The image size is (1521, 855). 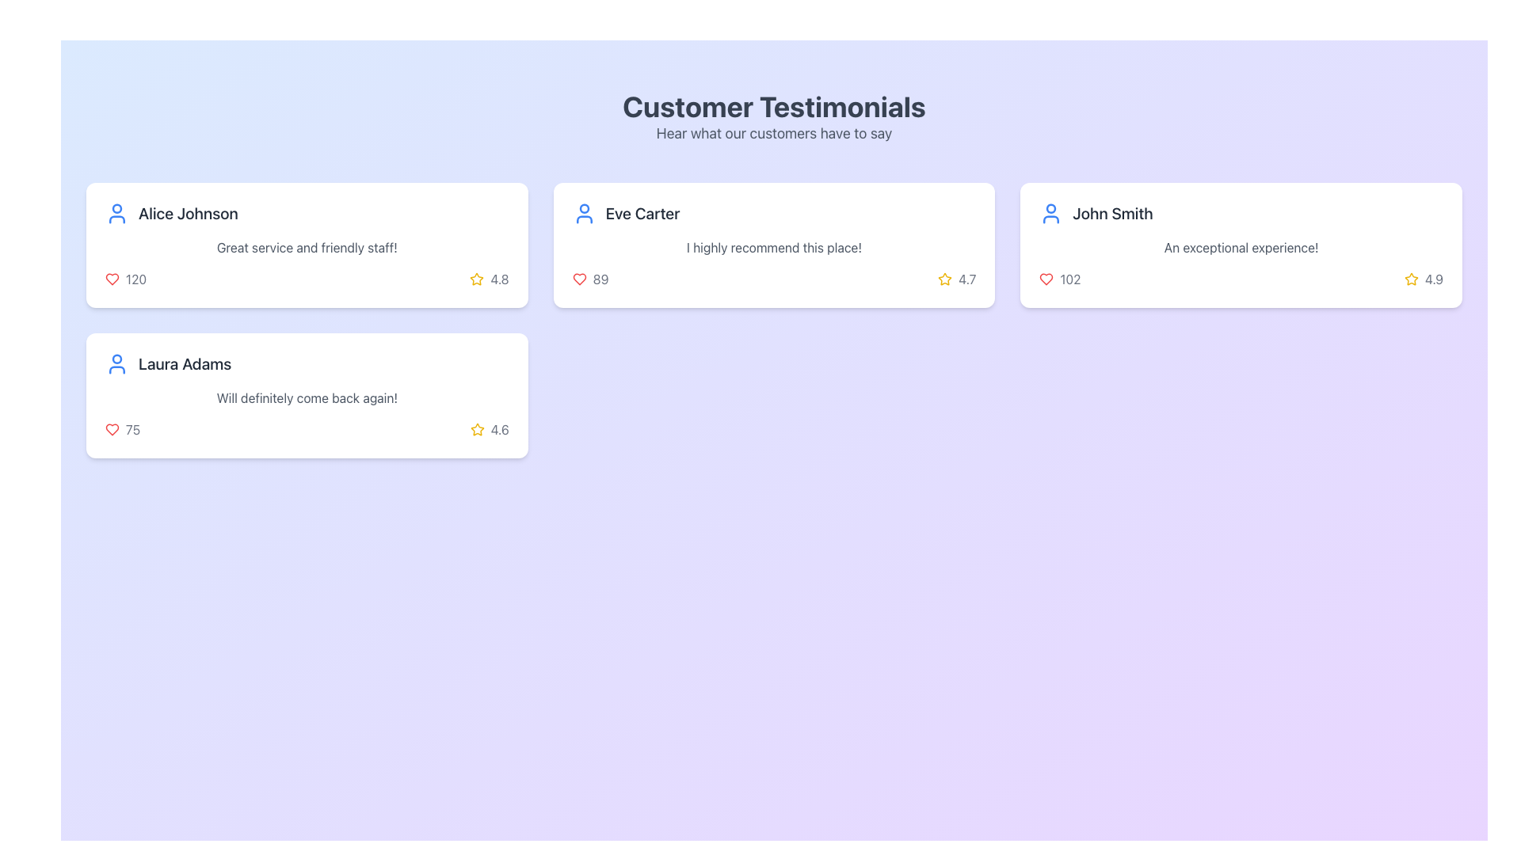 What do you see at coordinates (116, 214) in the screenshot?
I see `the decorative icon indicating Alice Johnson's testimonial, located at the top-left of the testimonial card` at bounding box center [116, 214].